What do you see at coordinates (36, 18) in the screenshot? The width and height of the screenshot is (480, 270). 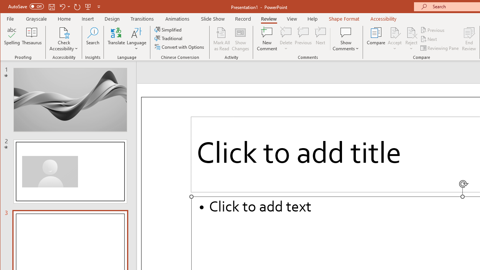 I see `'Grayscale'` at bounding box center [36, 18].